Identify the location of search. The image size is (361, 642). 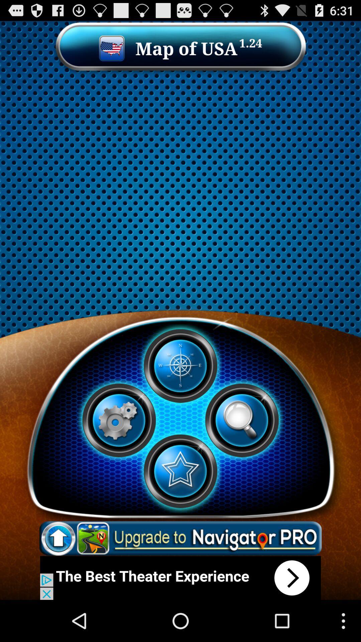
(242, 420).